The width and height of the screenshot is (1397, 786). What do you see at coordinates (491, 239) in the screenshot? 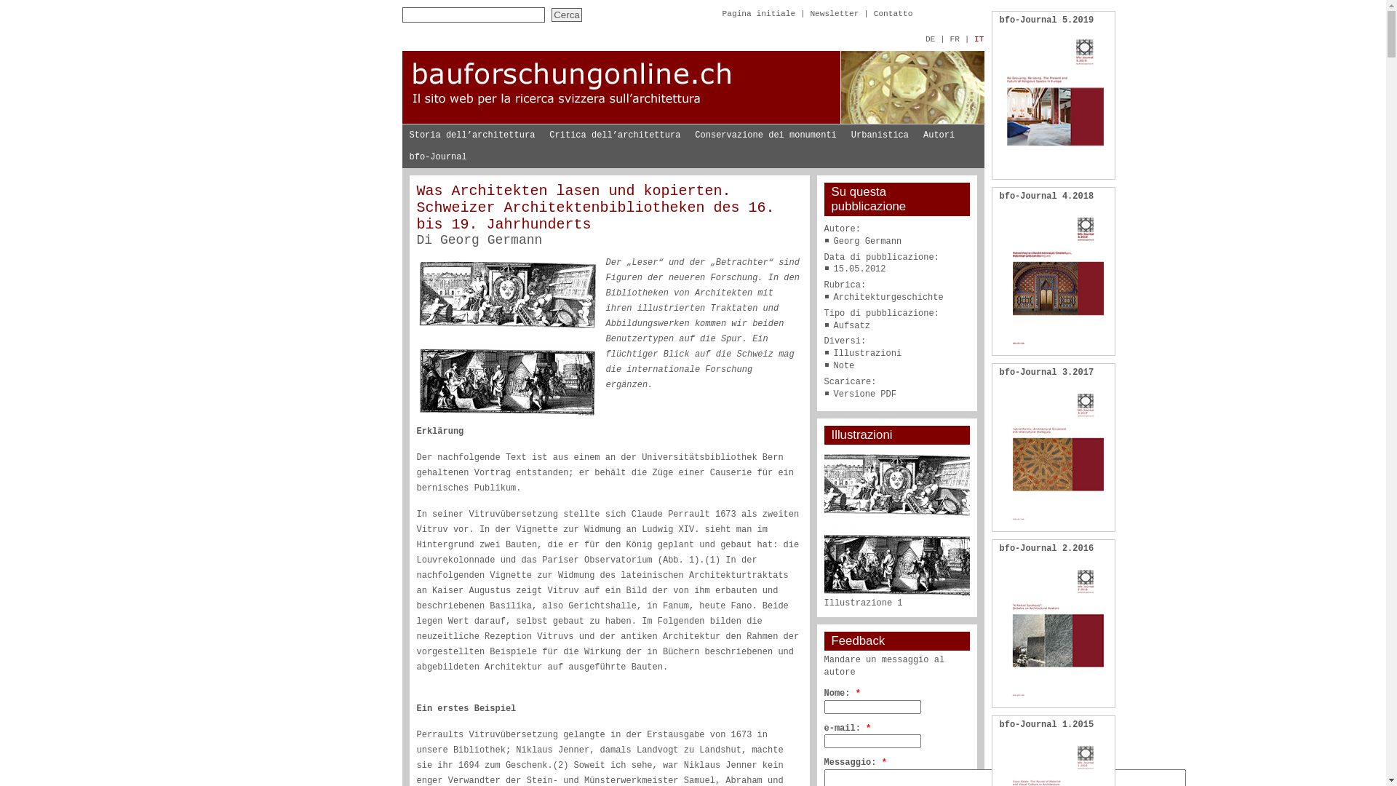
I see `'Georg Germann'` at bounding box center [491, 239].